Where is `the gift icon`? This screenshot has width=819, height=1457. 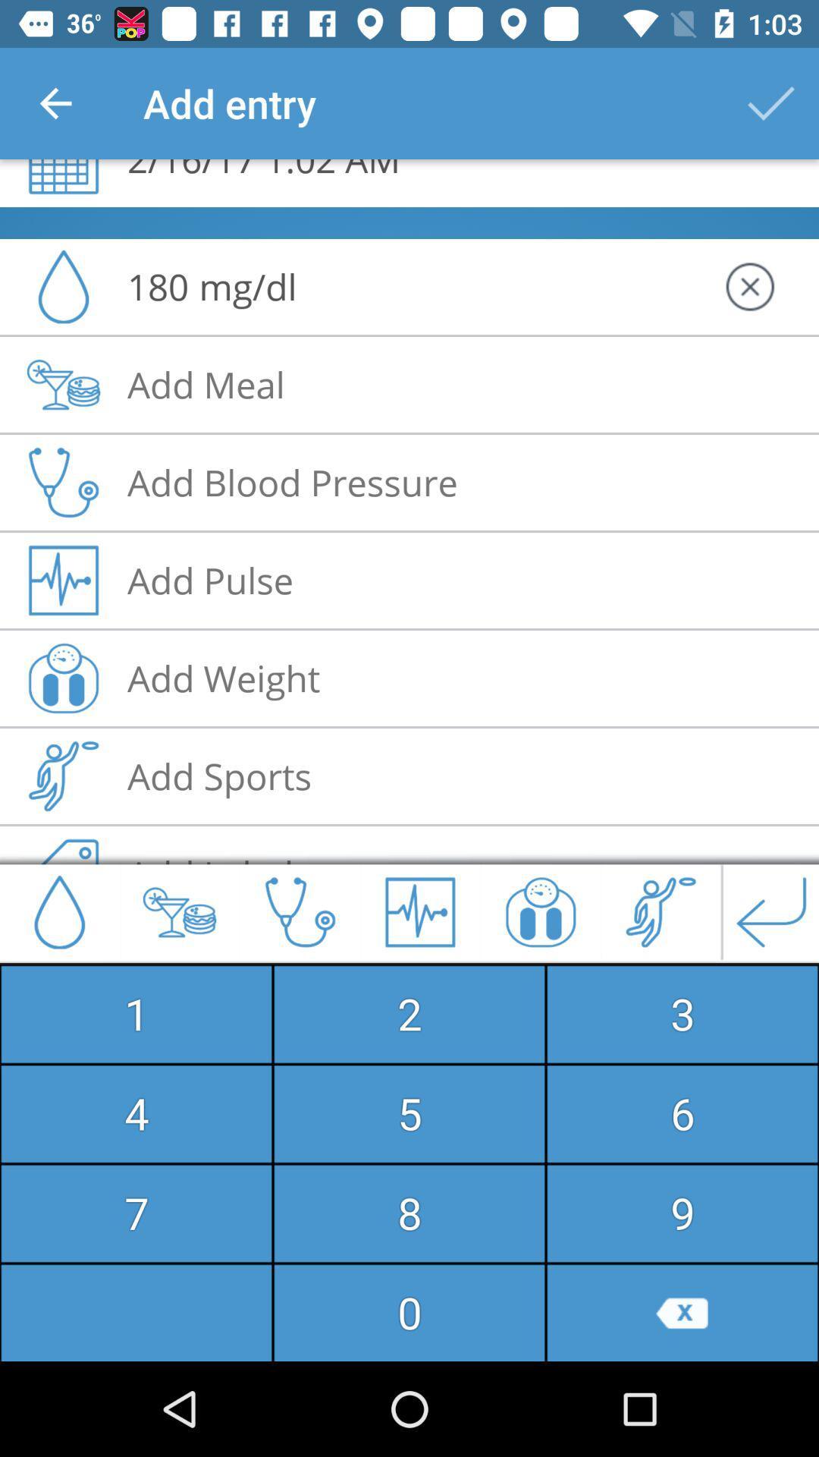
the gift icon is located at coordinates (540, 911).